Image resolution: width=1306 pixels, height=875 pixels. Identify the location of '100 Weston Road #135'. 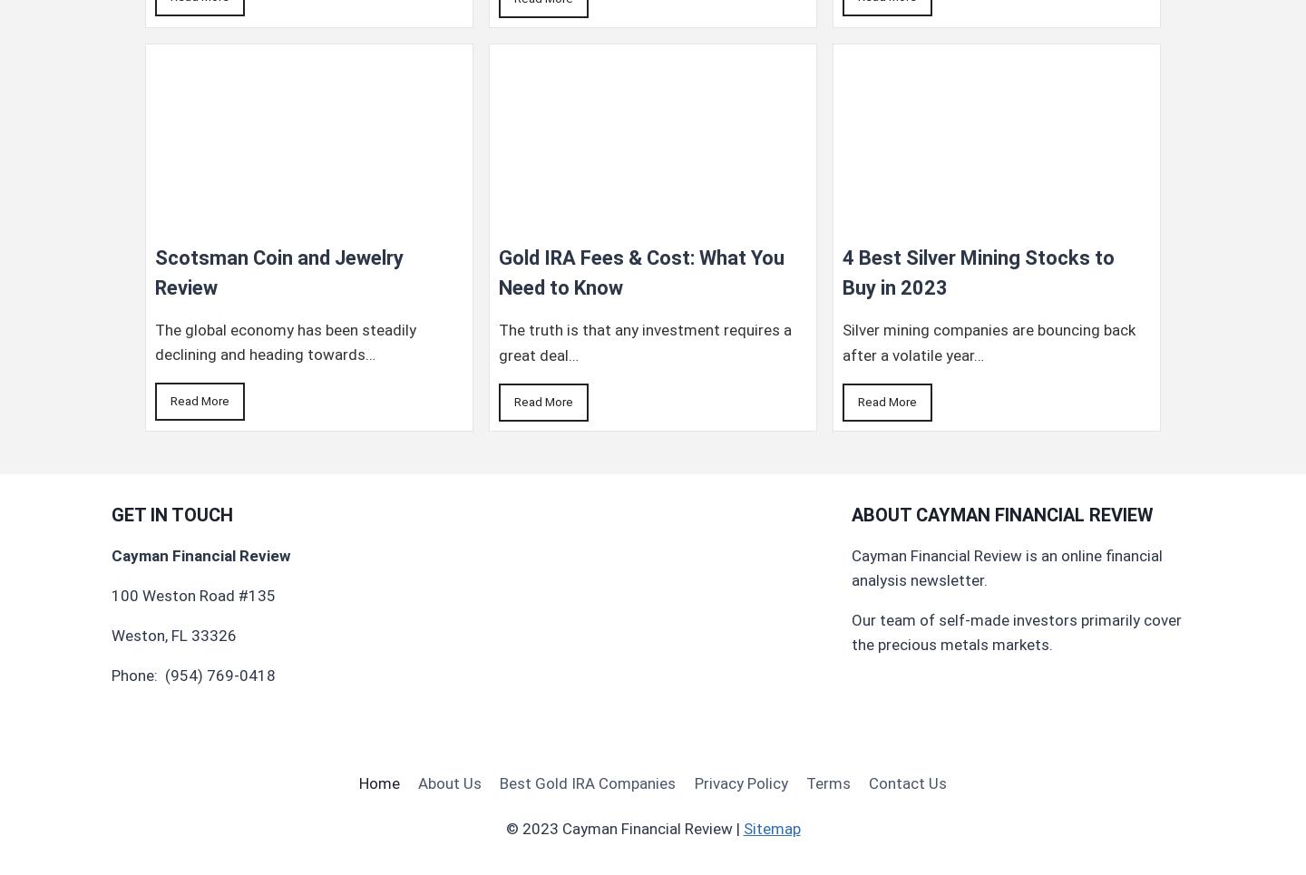
(193, 595).